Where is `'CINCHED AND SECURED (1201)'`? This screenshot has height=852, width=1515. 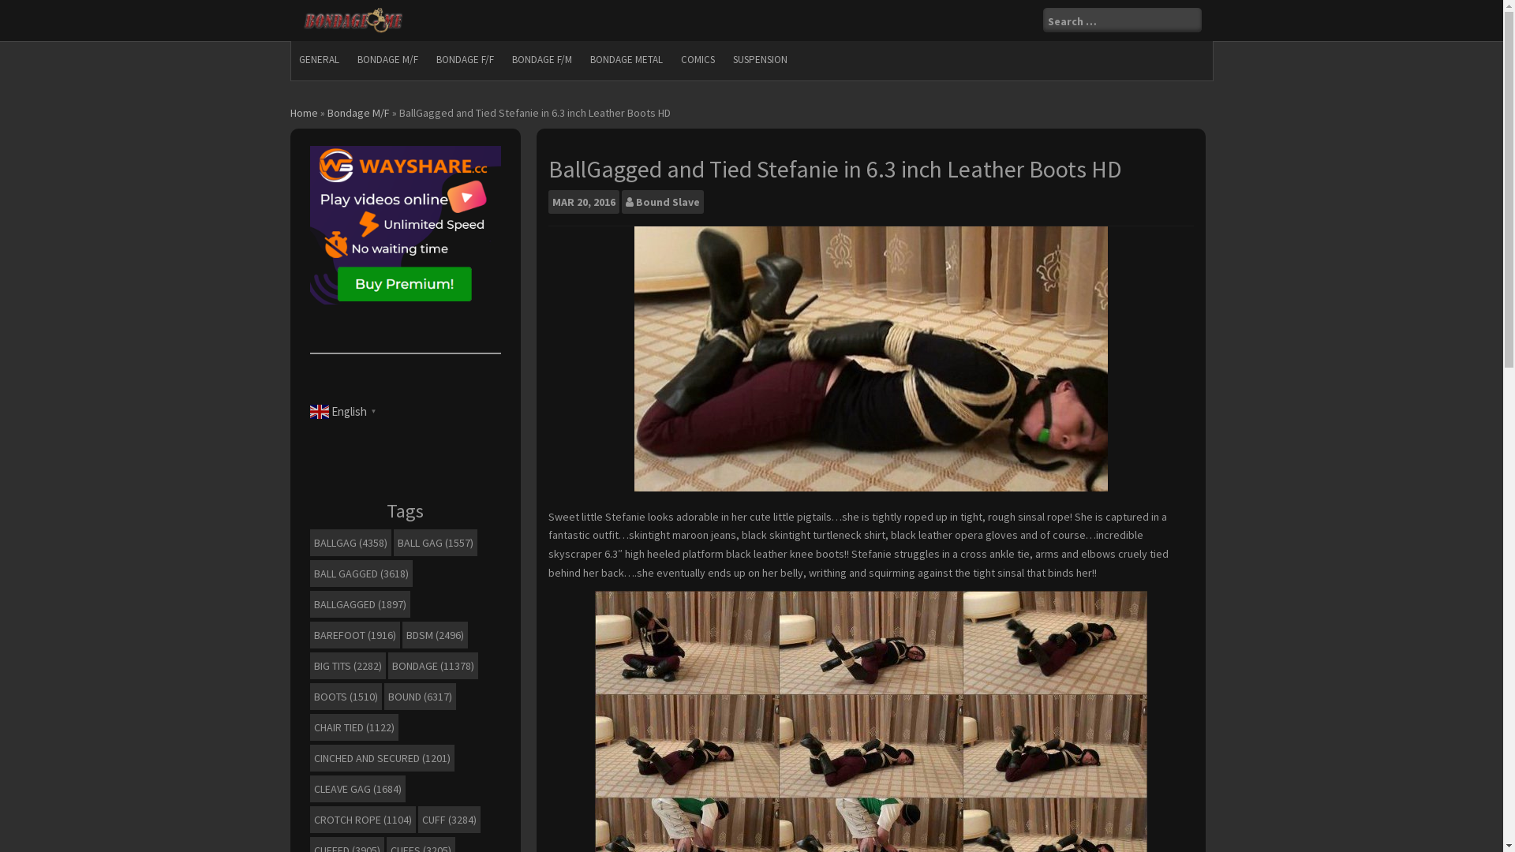 'CINCHED AND SECURED (1201)' is located at coordinates (309, 757).